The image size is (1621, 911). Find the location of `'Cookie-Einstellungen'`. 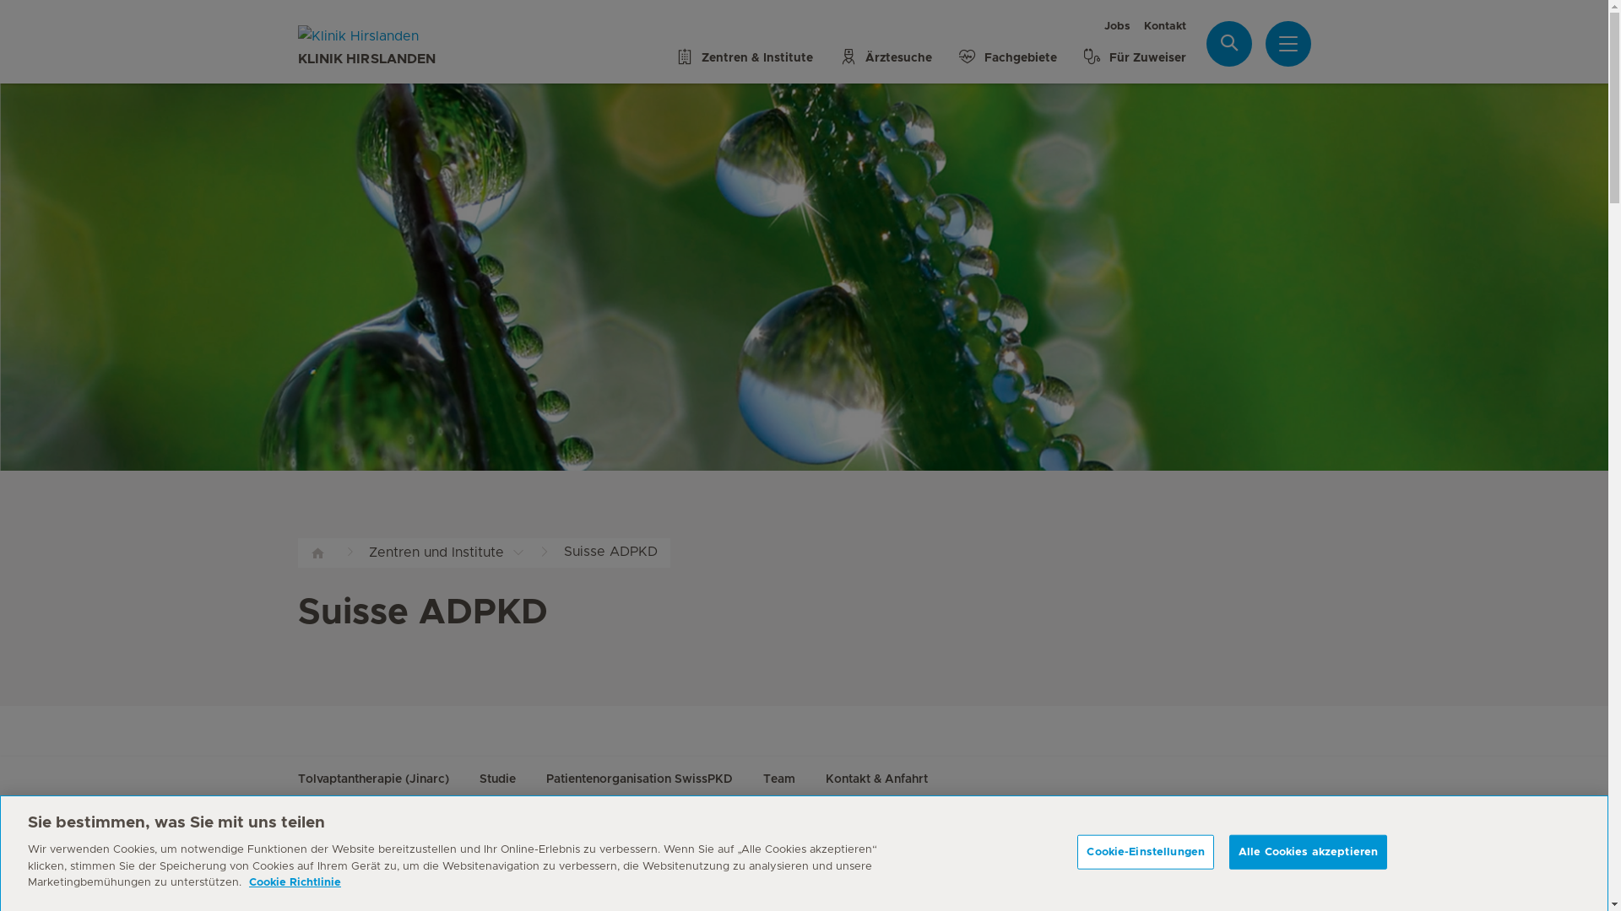

'Cookie-Einstellungen' is located at coordinates (1146, 852).